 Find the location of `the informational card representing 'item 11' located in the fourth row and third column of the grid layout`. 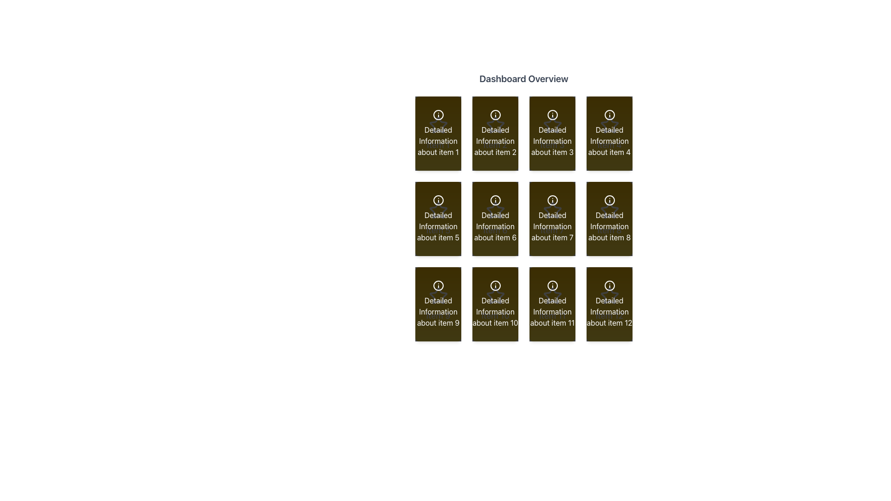

the informational card representing 'item 11' located in the fourth row and third column of the grid layout is located at coordinates (552, 304).